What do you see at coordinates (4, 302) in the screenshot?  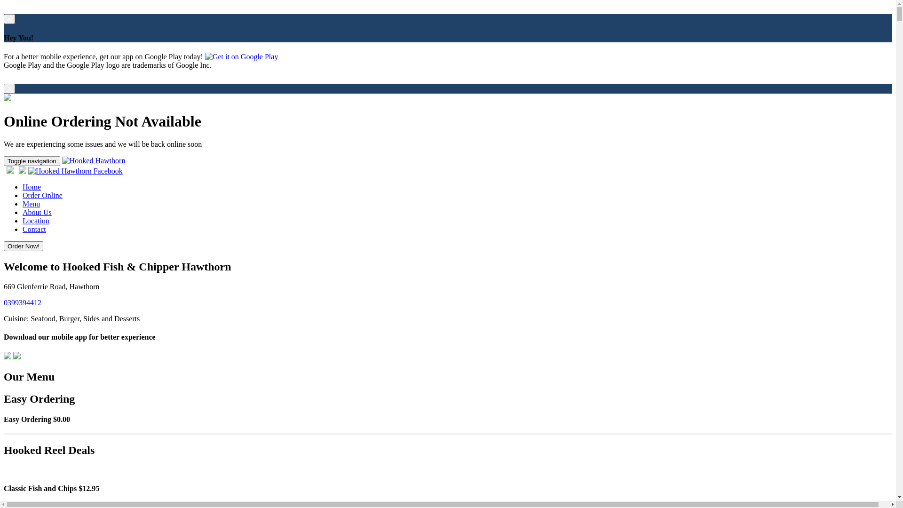 I see `'0399394412'` at bounding box center [4, 302].